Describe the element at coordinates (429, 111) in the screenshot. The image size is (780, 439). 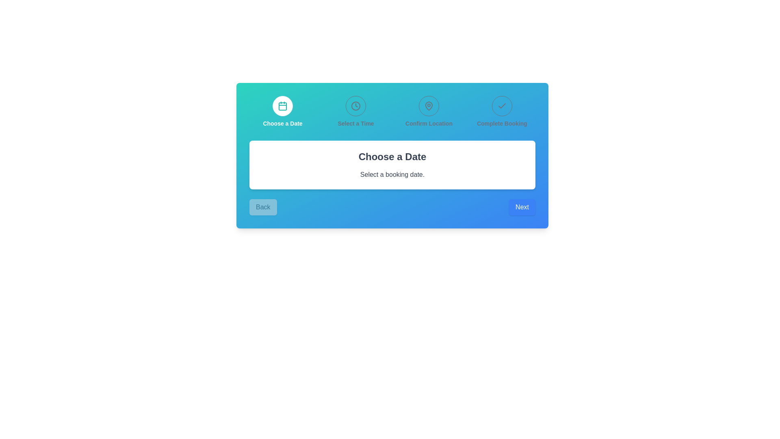
I see `the location confirmation indicator, which is the third element in a grid of four cells in the multi-step booking process` at that location.